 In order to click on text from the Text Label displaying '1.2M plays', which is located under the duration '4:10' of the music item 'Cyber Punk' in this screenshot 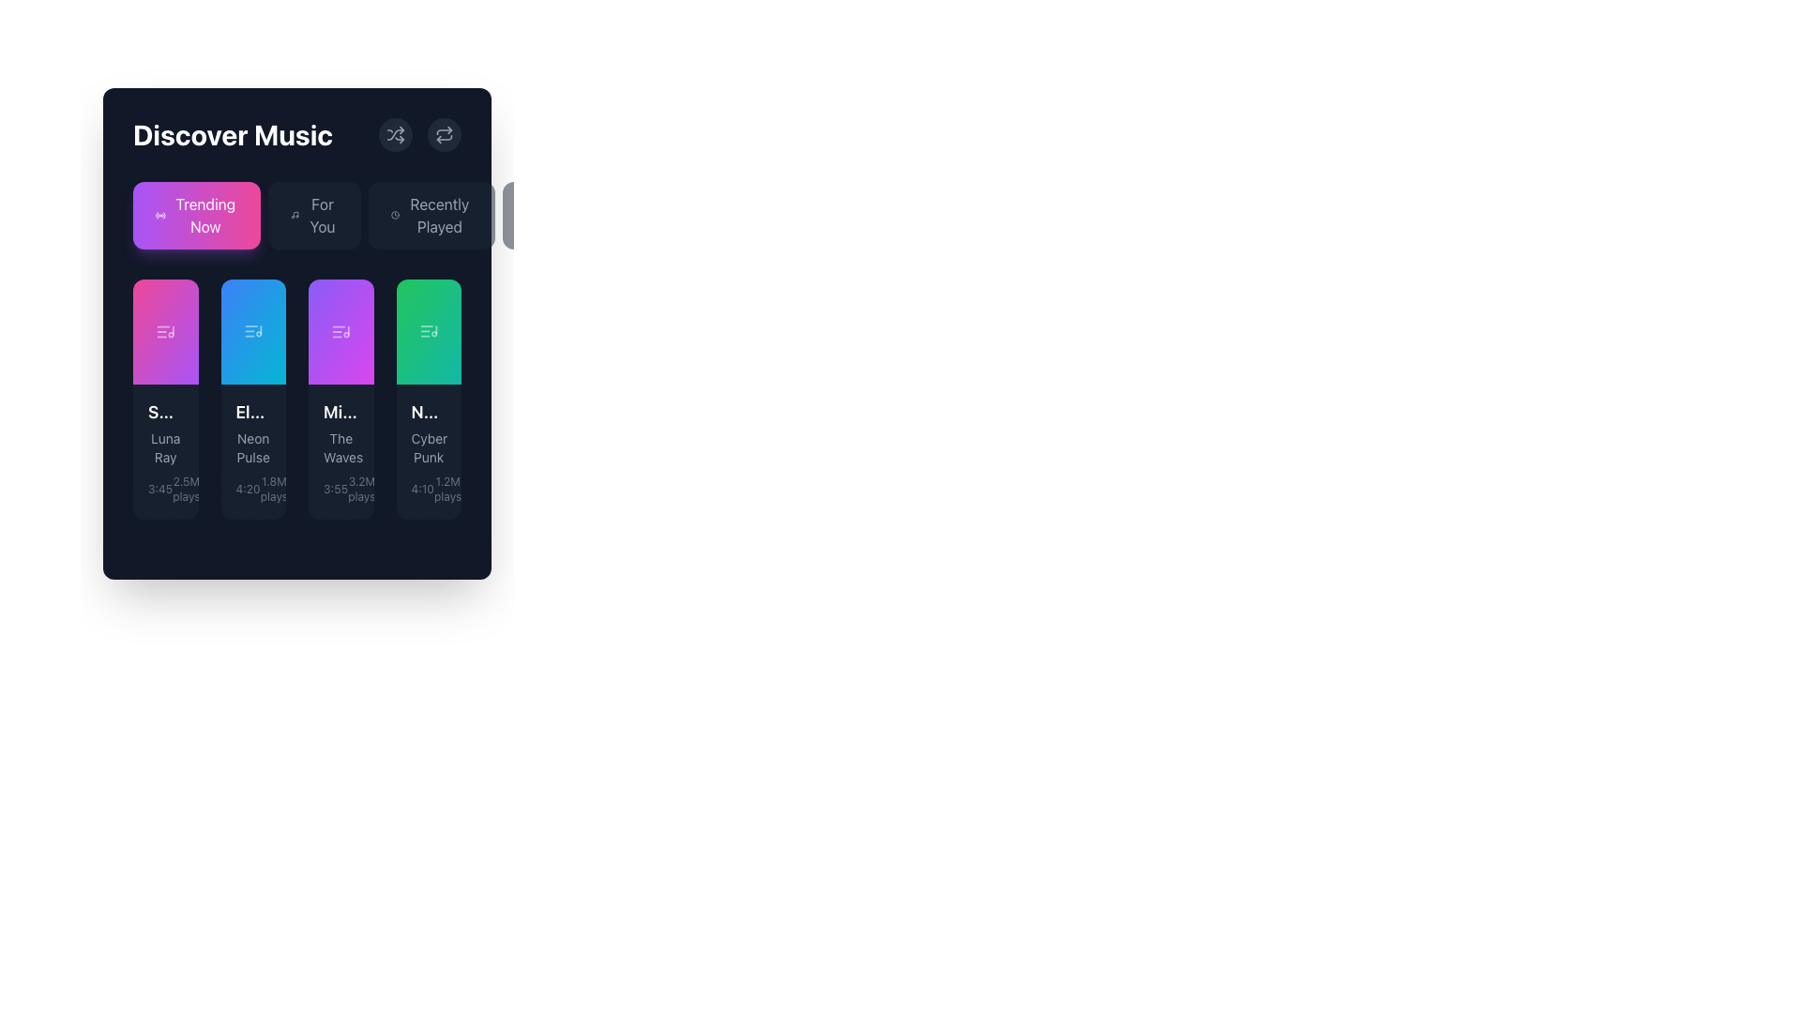, I will do `click(446, 488)`.